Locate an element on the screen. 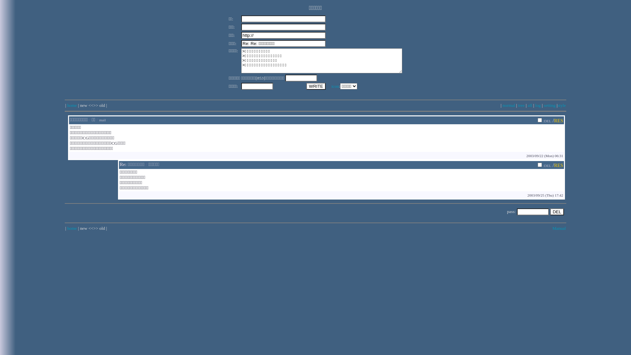 The width and height of the screenshot is (631, 355). 'all' is located at coordinates (528, 105).